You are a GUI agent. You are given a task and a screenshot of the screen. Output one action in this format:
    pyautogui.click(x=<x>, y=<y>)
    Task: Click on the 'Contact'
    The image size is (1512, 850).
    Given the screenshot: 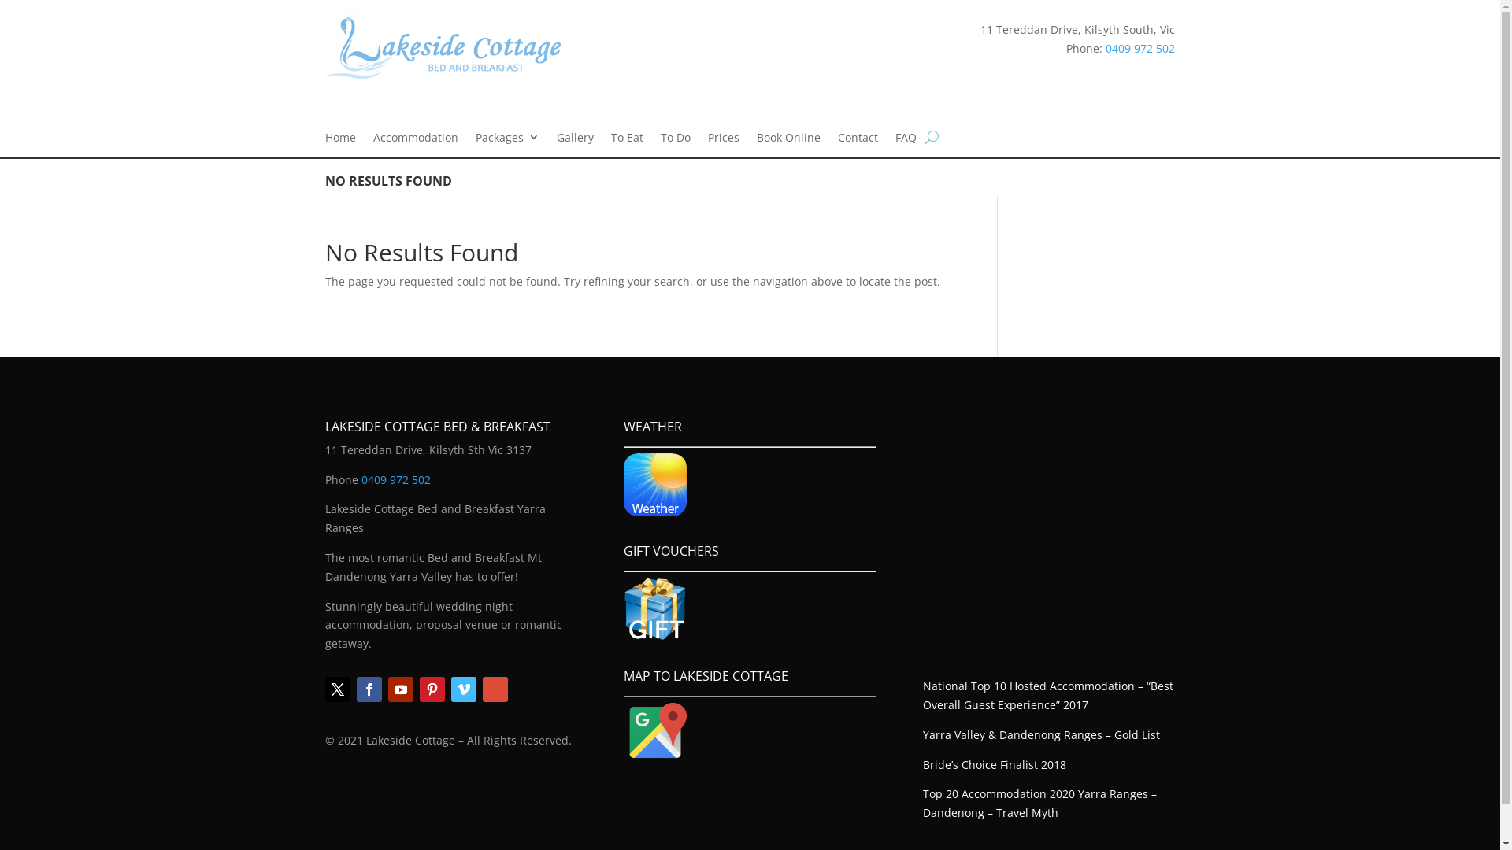 What is the action you would take?
    pyautogui.click(x=837, y=139)
    